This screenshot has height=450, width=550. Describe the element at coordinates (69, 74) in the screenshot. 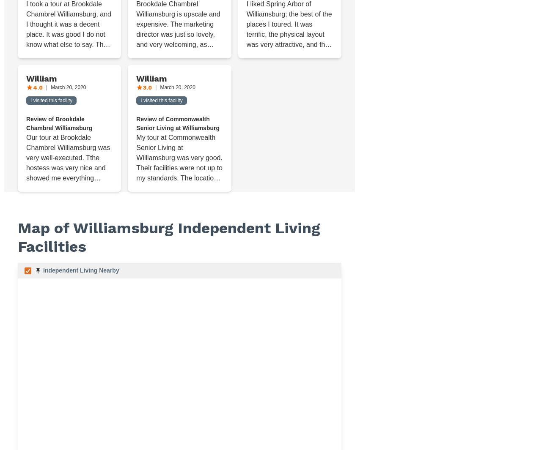

I see `'I took a tour at Brookdale Chambrel Williamsburg, and I thought it was a decent place. It was good I do not know what else to say. The one who accommodated me on the tour was fine and did a good job. I believe they got studio types, a one bedroom, and 2-bedroom. They have a small library, an exercise room, a movie room, and a dining room. The food was fine, and it was good.'` at that location.